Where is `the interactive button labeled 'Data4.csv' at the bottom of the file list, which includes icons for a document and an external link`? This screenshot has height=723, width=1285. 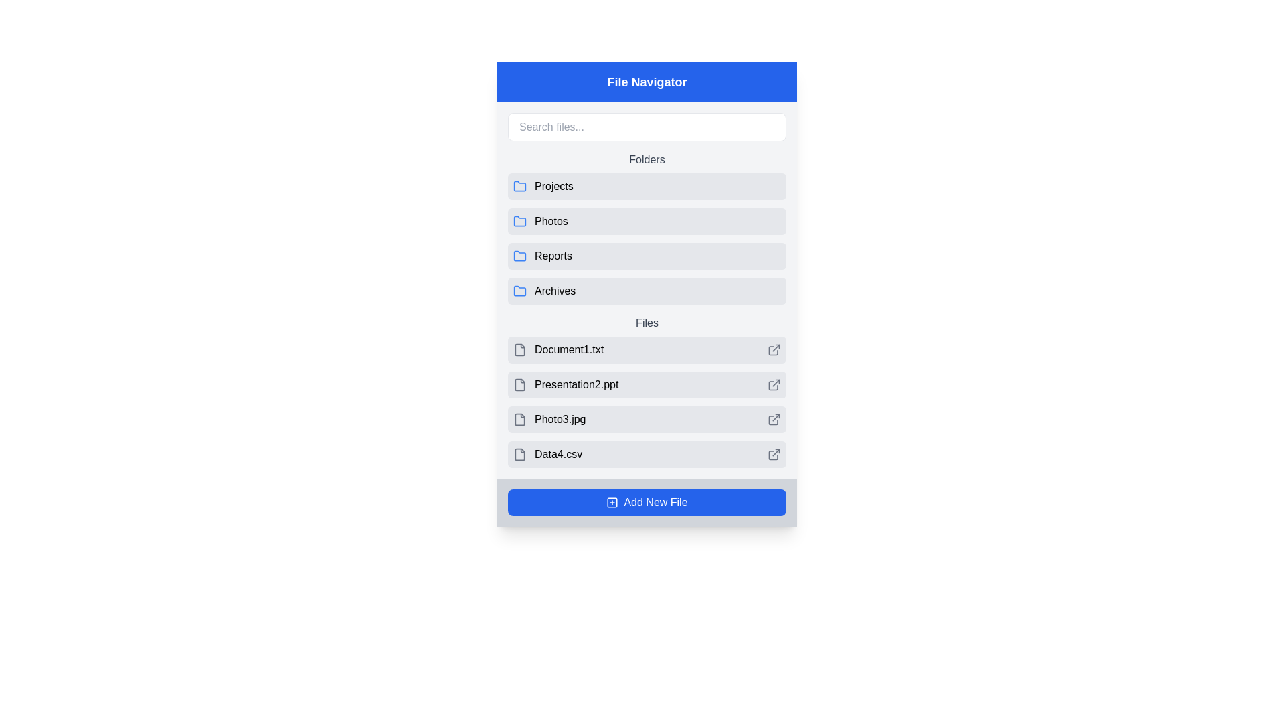 the interactive button labeled 'Data4.csv' at the bottom of the file list, which includes icons for a document and an external link is located at coordinates (647, 453).